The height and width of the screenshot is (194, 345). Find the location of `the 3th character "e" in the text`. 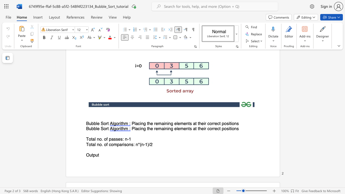

the 3th character "e" in the text is located at coordinates (175, 129).